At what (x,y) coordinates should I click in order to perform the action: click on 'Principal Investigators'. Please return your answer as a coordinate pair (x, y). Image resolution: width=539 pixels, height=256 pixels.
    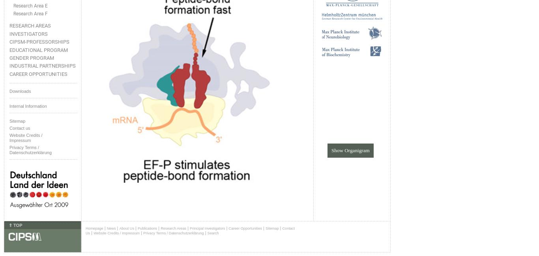
    Looking at the image, I should click on (207, 228).